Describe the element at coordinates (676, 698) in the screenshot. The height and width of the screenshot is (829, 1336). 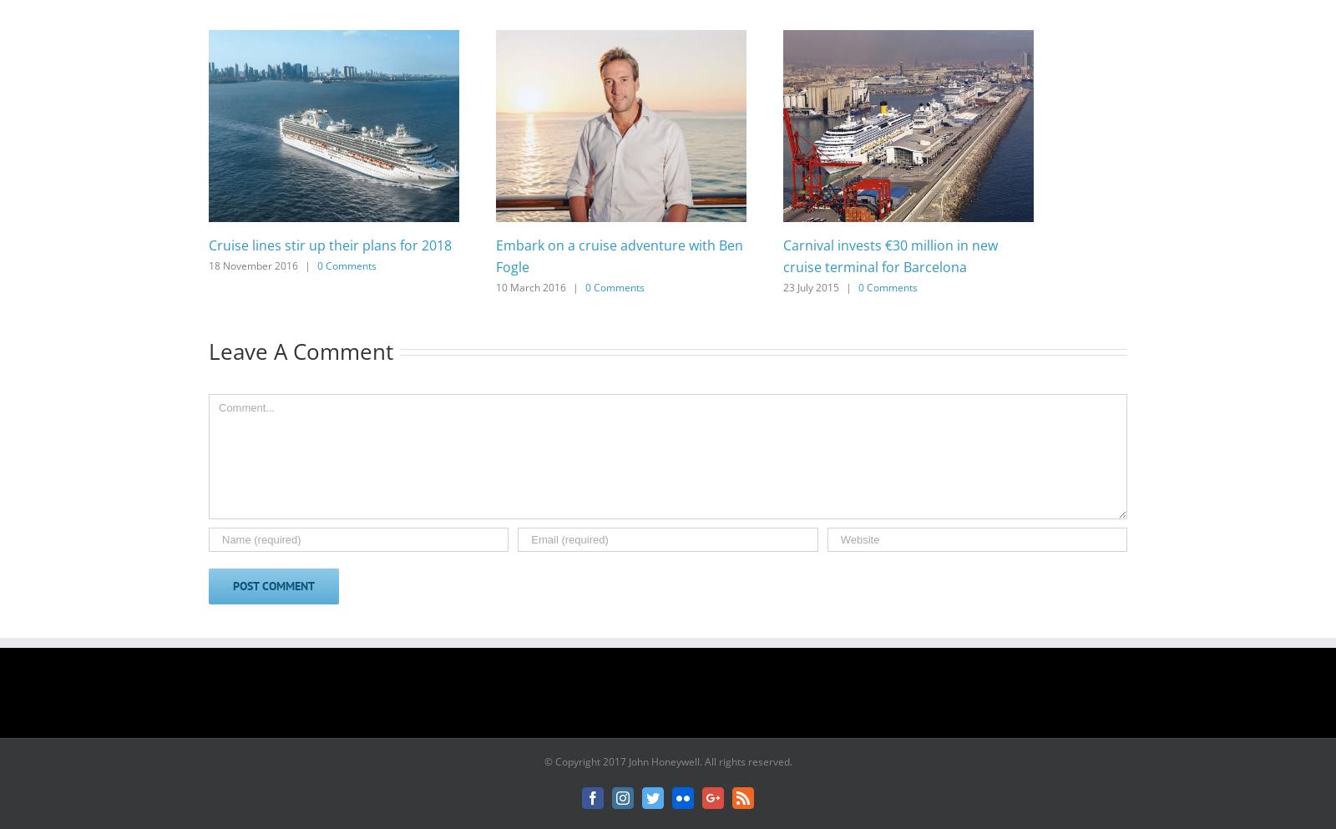
I see `'Follow on Instagram'` at that location.